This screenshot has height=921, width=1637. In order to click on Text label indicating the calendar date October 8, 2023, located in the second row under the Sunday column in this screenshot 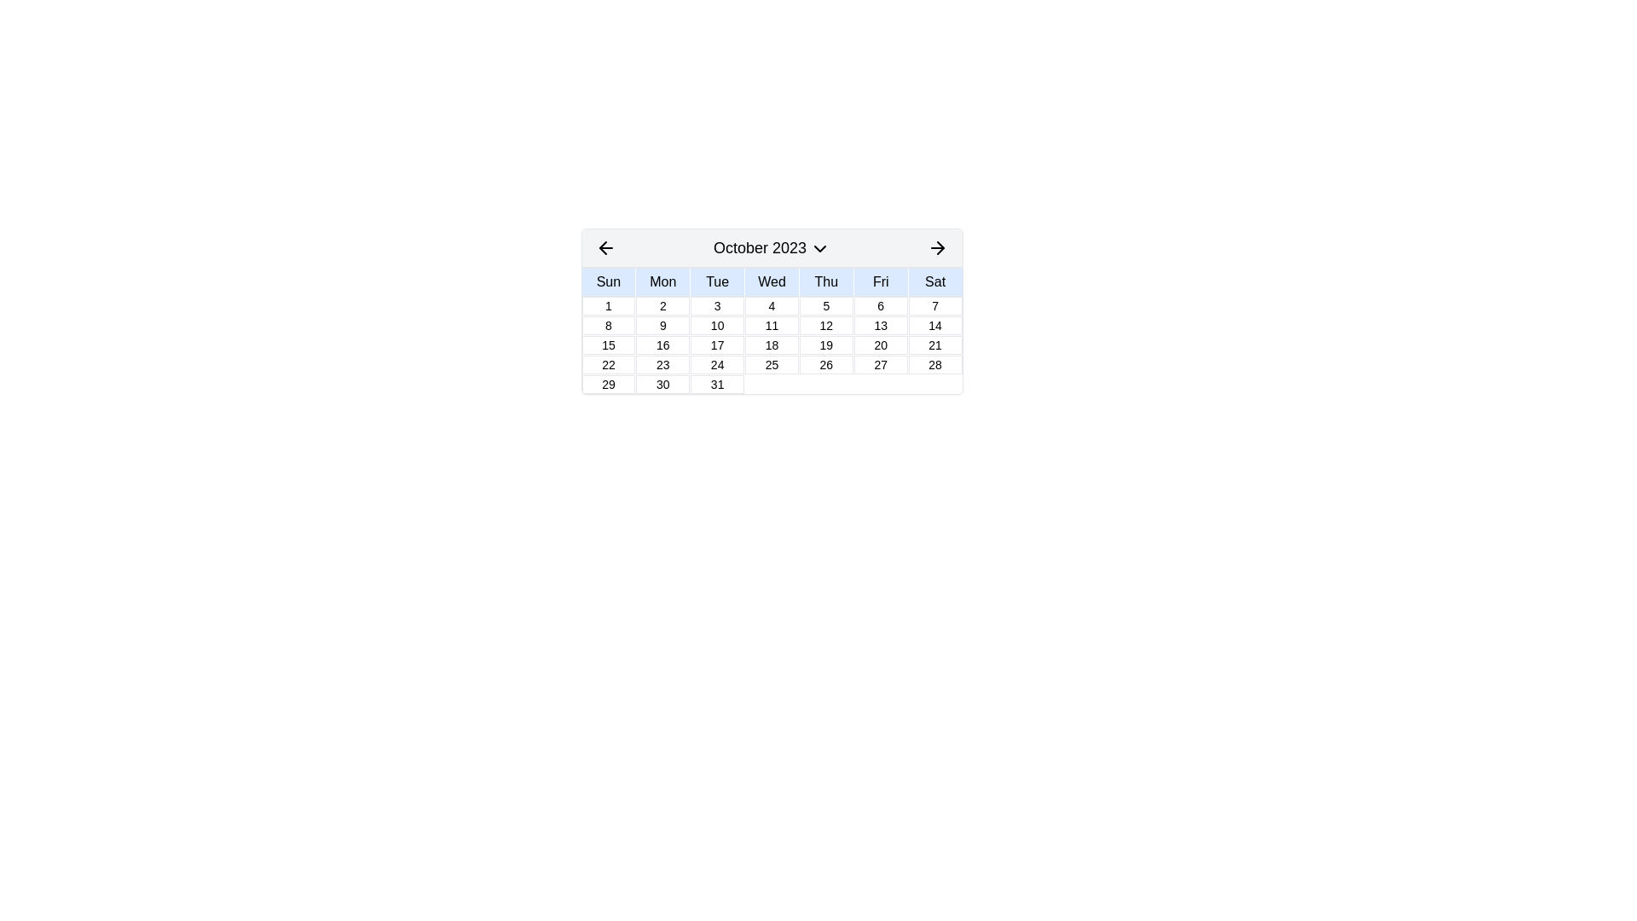, I will do `click(608, 325)`.